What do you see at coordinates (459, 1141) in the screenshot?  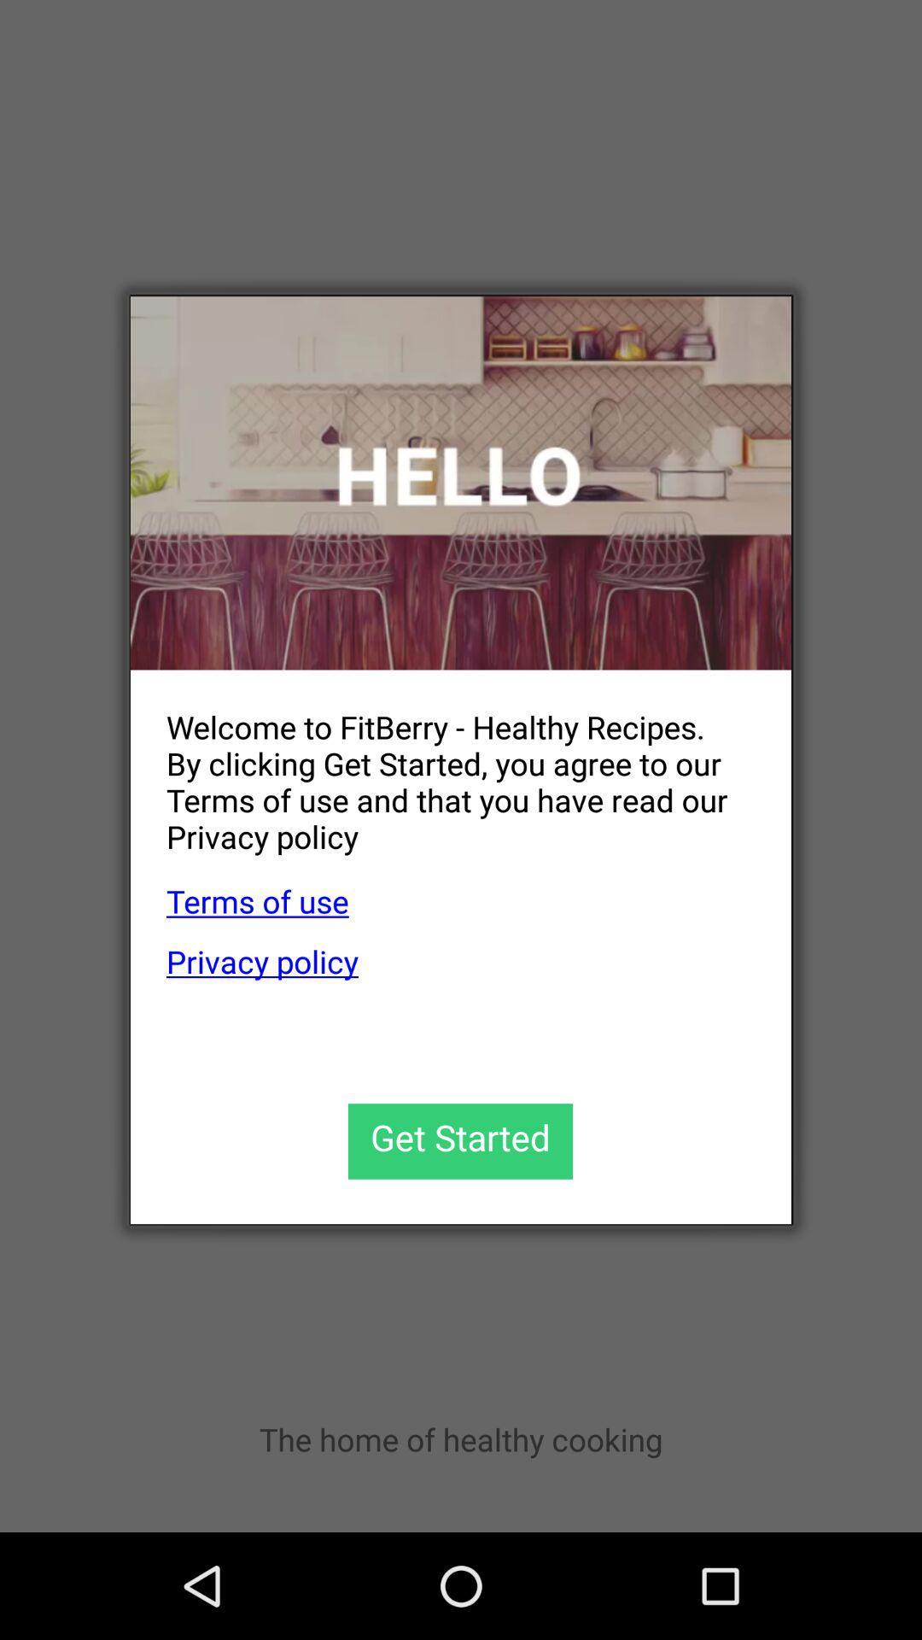 I see `agree to terms of service and start app` at bounding box center [459, 1141].